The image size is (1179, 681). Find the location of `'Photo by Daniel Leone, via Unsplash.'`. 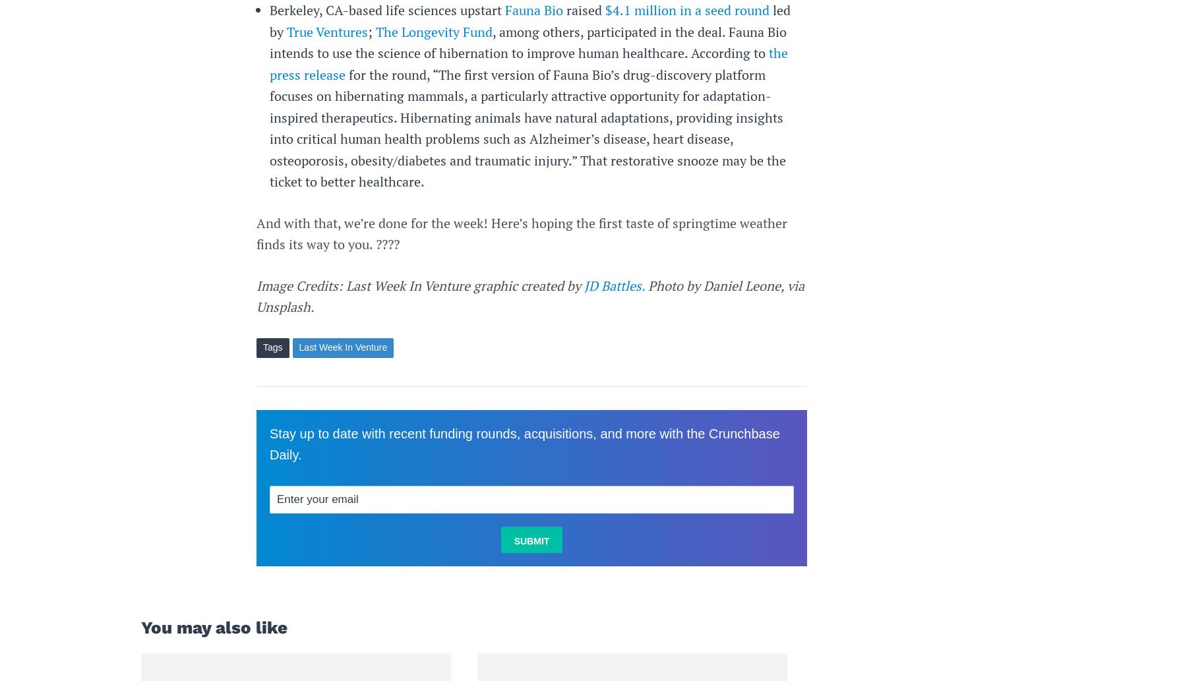

'Photo by Daniel Leone, via Unsplash.' is located at coordinates (256, 296).